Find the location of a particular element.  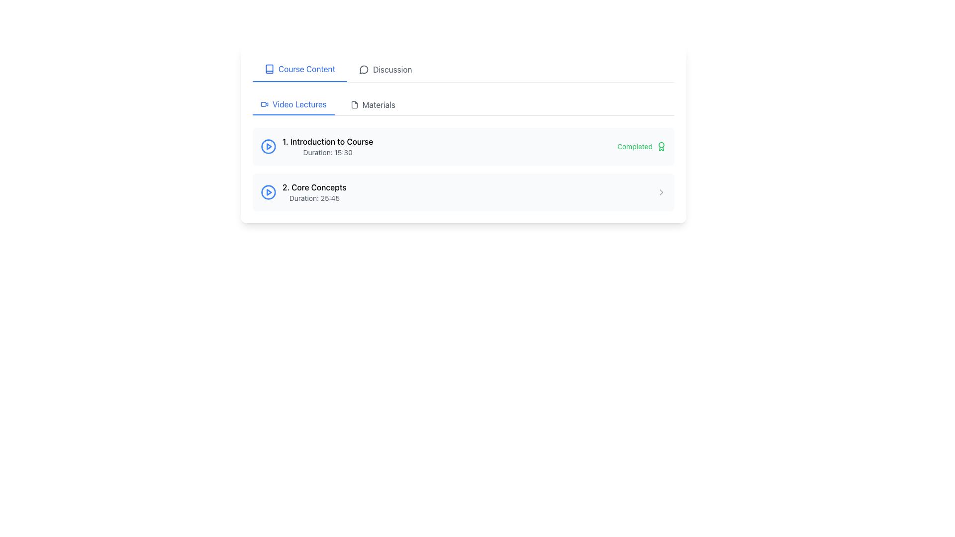

the 'Course Content' tab button located near the top left of the interface is located at coordinates (299, 69).